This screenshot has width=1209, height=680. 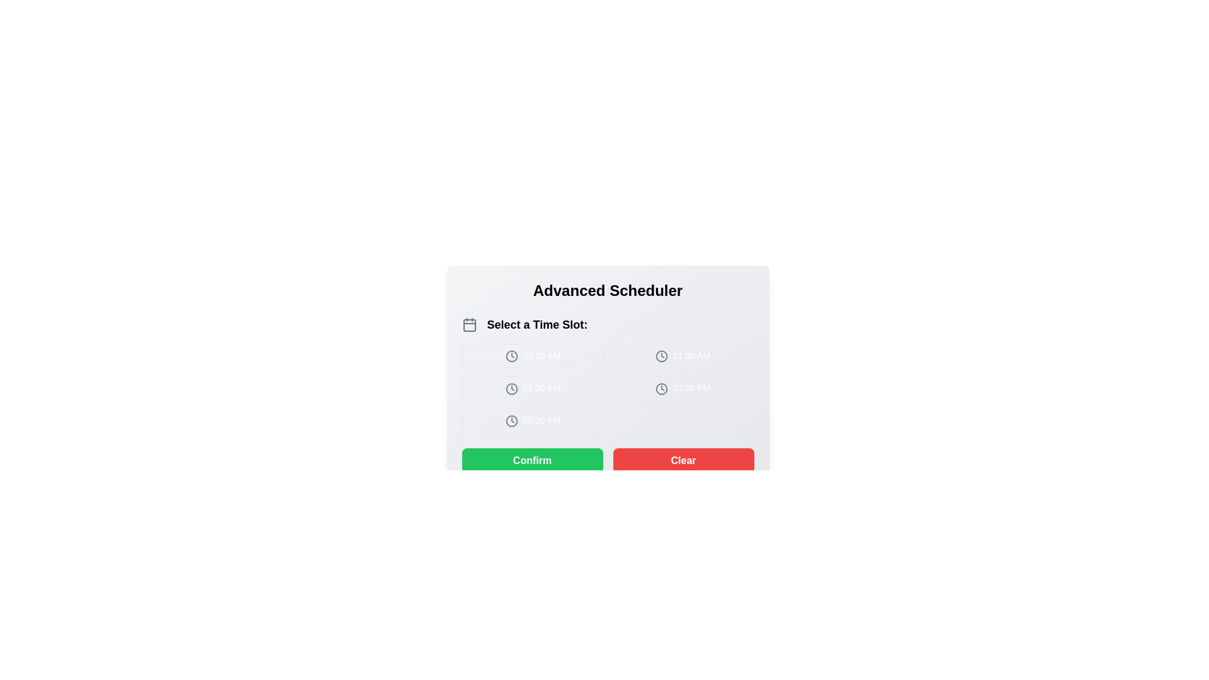 I want to click on the confirm button located on the left side of the horizontal button group at the bottom of the interface to finalize the user's action, so click(x=532, y=460).